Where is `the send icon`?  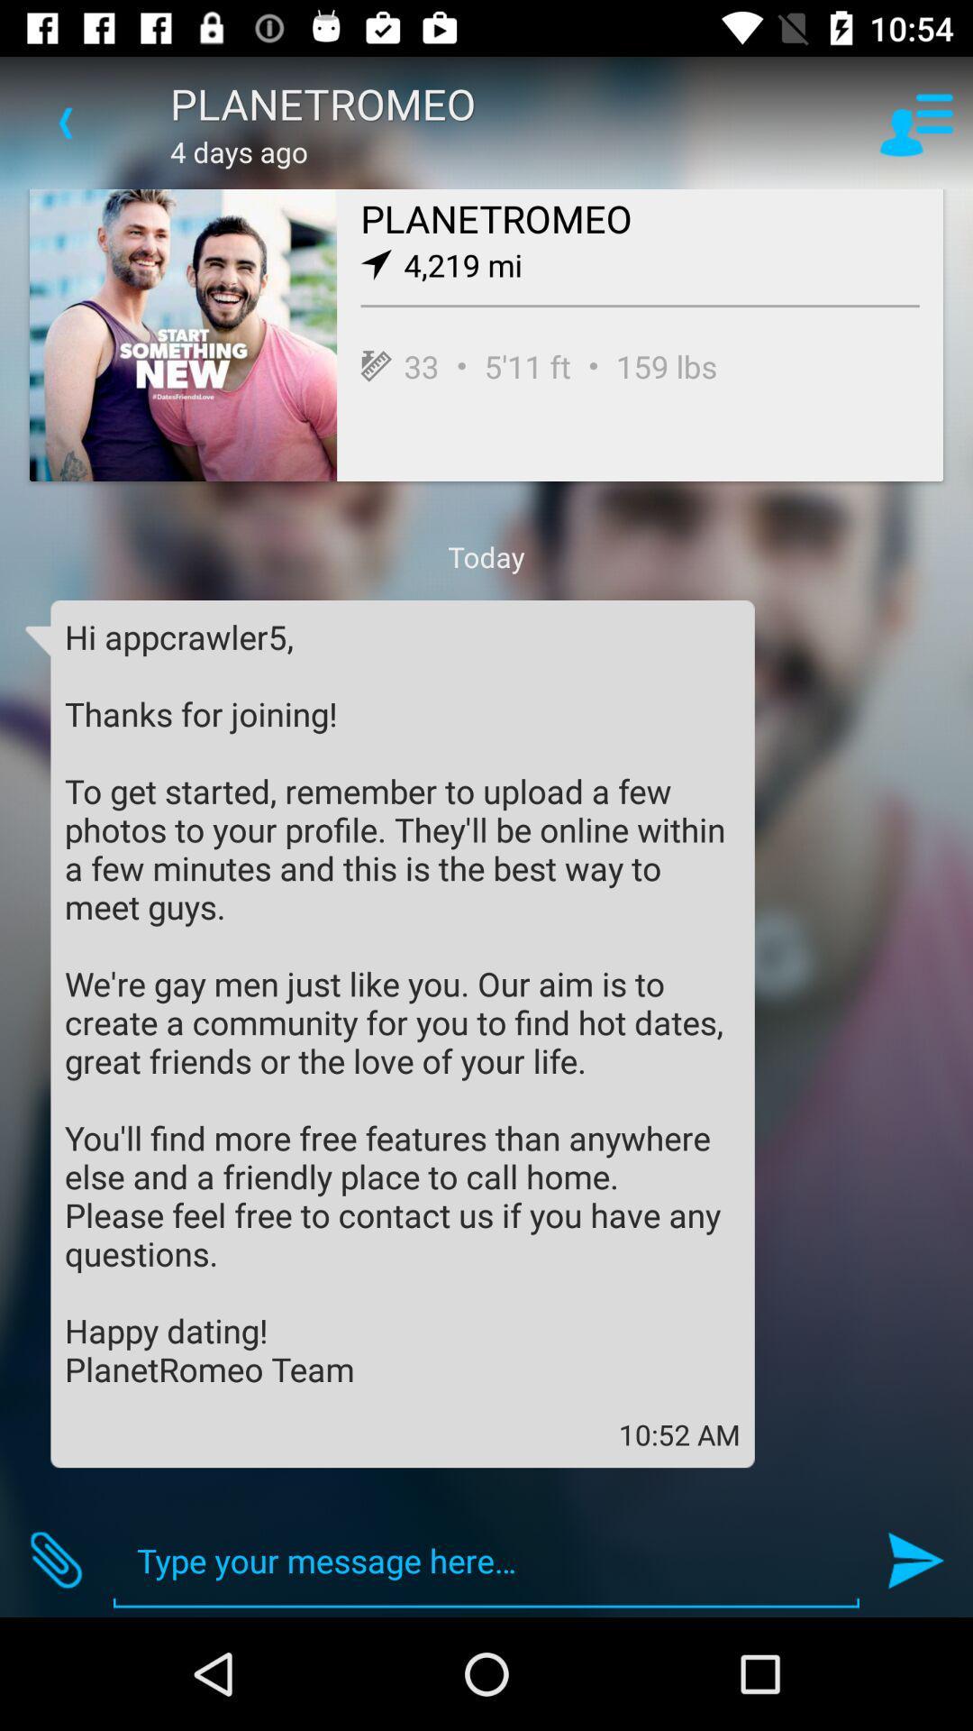
the send icon is located at coordinates (916, 1560).